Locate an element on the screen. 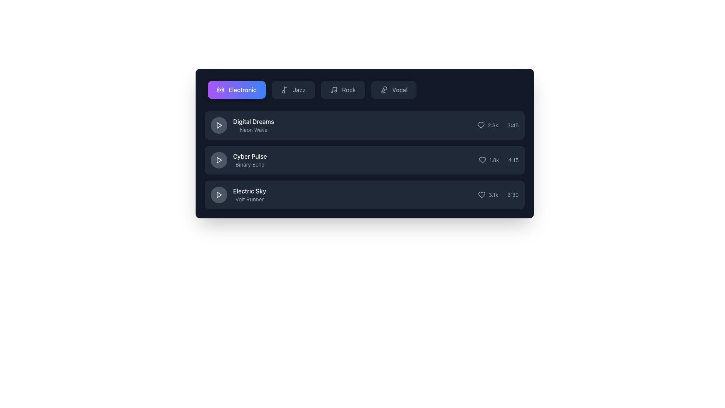  the button labeled 'Jazz' which is the second button in a horizontal list of four buttons, featuring a musical note icon and a dark gray background is located at coordinates (293, 90).